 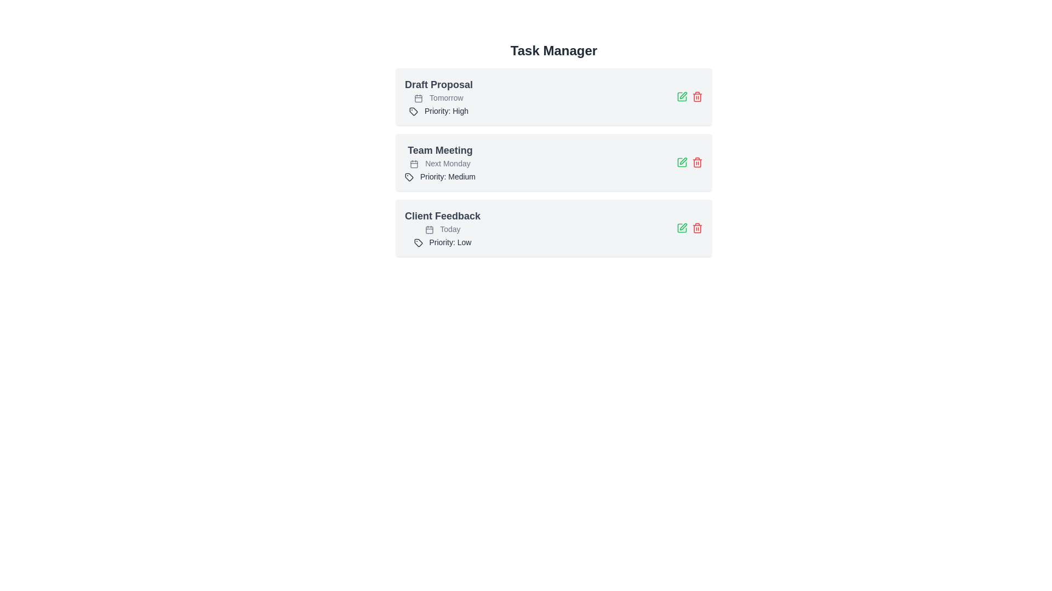 What do you see at coordinates (681, 96) in the screenshot?
I see `the editing Icon button located in the middle group of the second task in the list interface` at bounding box center [681, 96].